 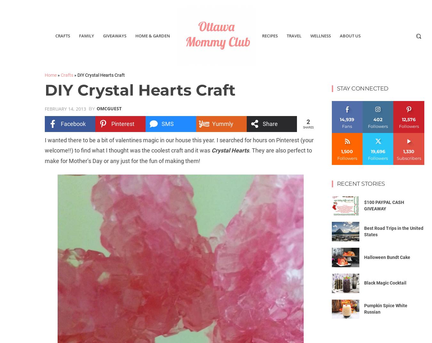 What do you see at coordinates (222, 123) in the screenshot?
I see `'Yummly'` at bounding box center [222, 123].